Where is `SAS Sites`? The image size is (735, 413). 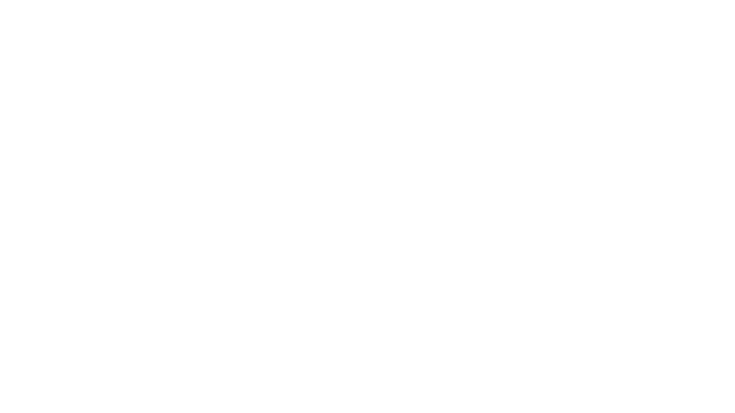
SAS Sites is located at coordinates (570, 12).